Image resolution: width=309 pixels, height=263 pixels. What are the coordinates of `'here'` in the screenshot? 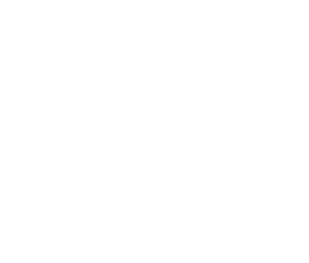 It's located at (92, 228).